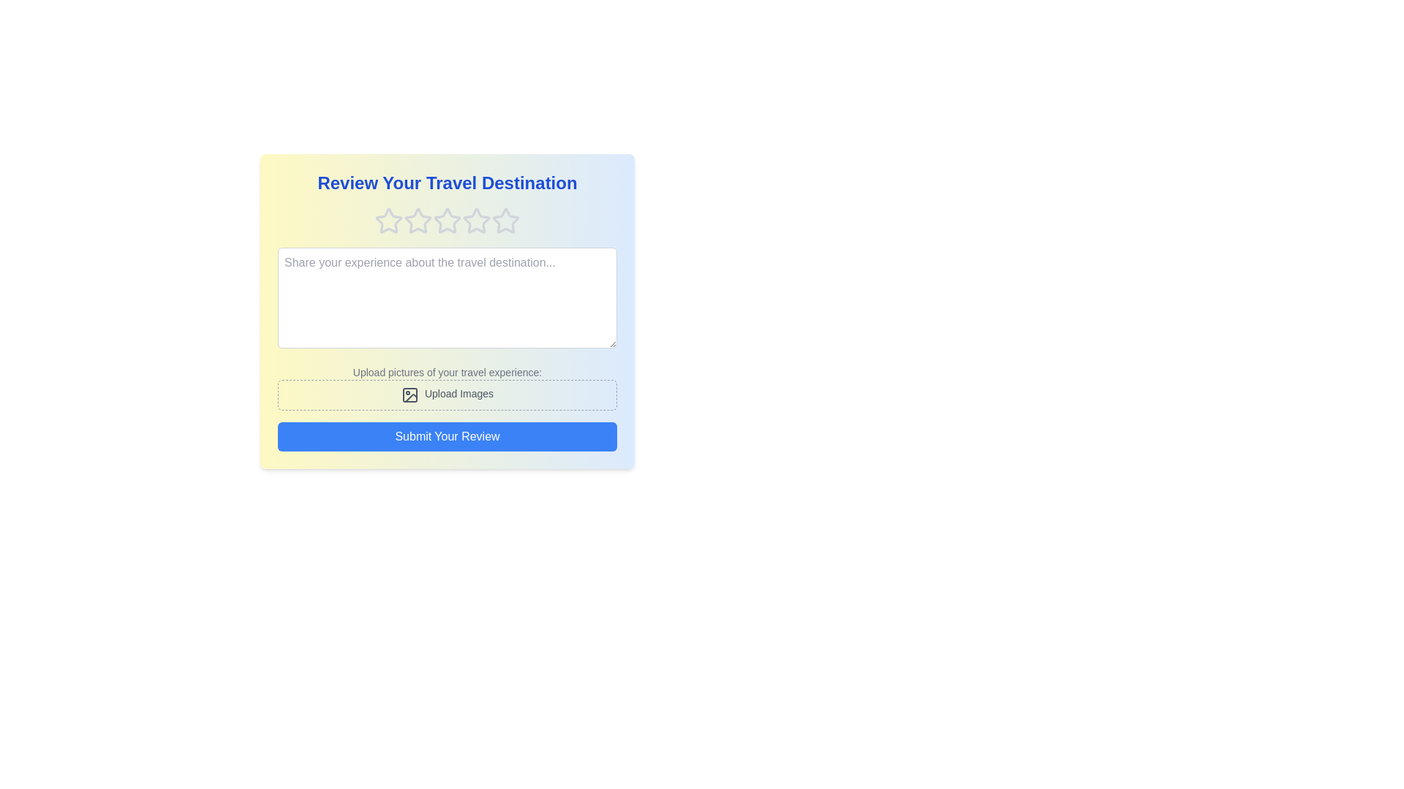 This screenshot has height=789, width=1404. Describe the element at coordinates (446, 297) in the screenshot. I see `the textarea to start typing a review` at that location.